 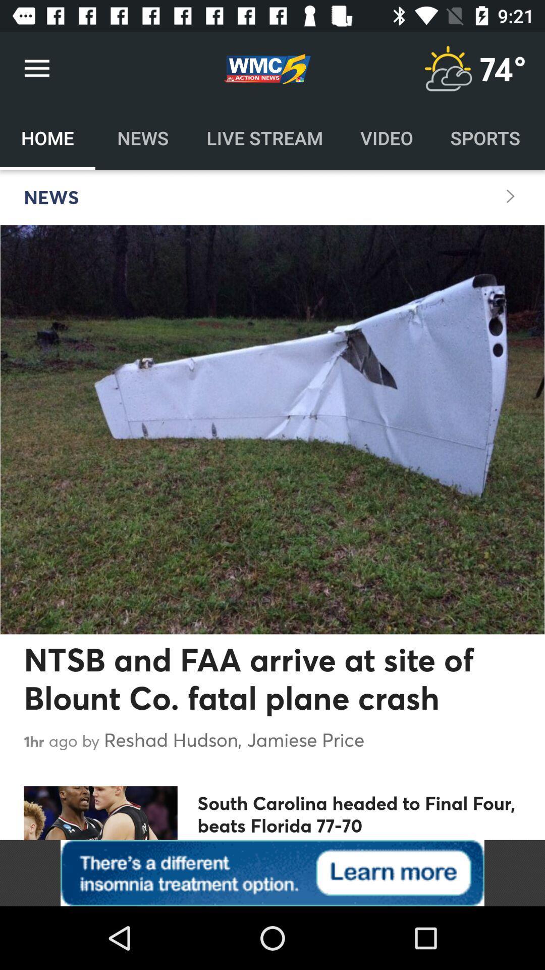 What do you see at coordinates (272, 872) in the screenshot?
I see `advertiser` at bounding box center [272, 872].